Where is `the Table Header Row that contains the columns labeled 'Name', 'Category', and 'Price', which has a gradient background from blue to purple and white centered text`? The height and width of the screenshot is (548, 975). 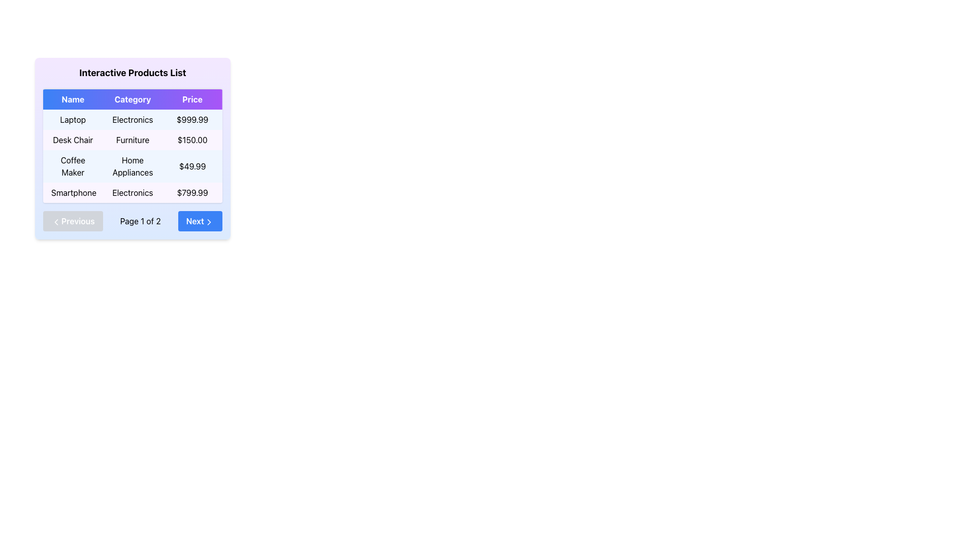
the Table Header Row that contains the columns labeled 'Name', 'Category', and 'Price', which has a gradient background from blue to purple and white centered text is located at coordinates (132, 99).